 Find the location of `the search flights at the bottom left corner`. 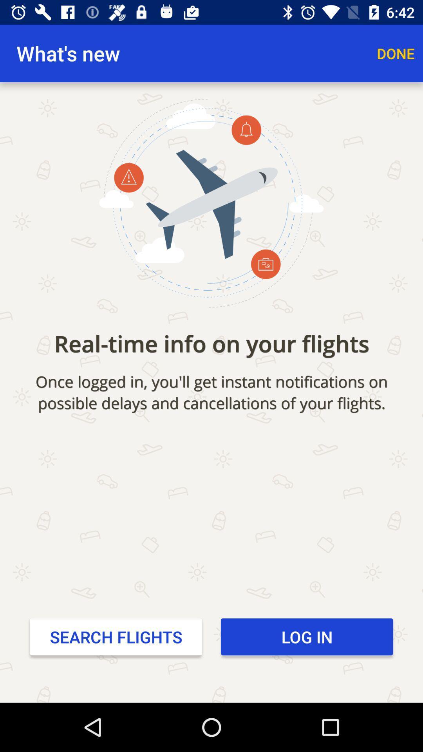

the search flights at the bottom left corner is located at coordinates (116, 637).